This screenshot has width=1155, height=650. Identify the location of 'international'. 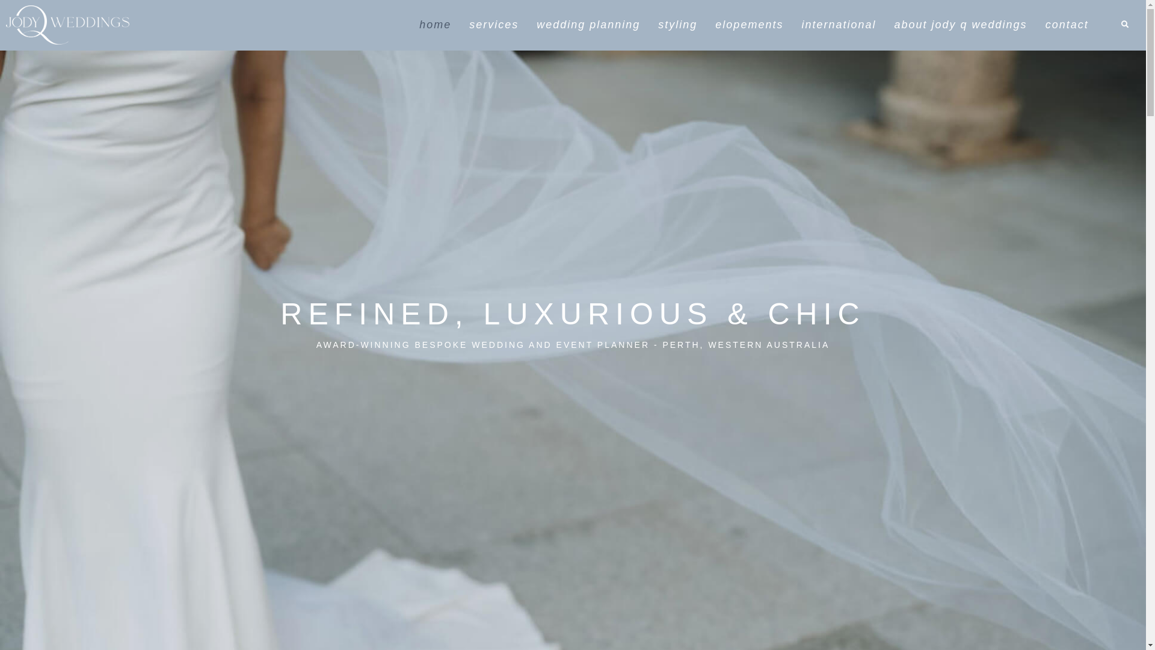
(837, 25).